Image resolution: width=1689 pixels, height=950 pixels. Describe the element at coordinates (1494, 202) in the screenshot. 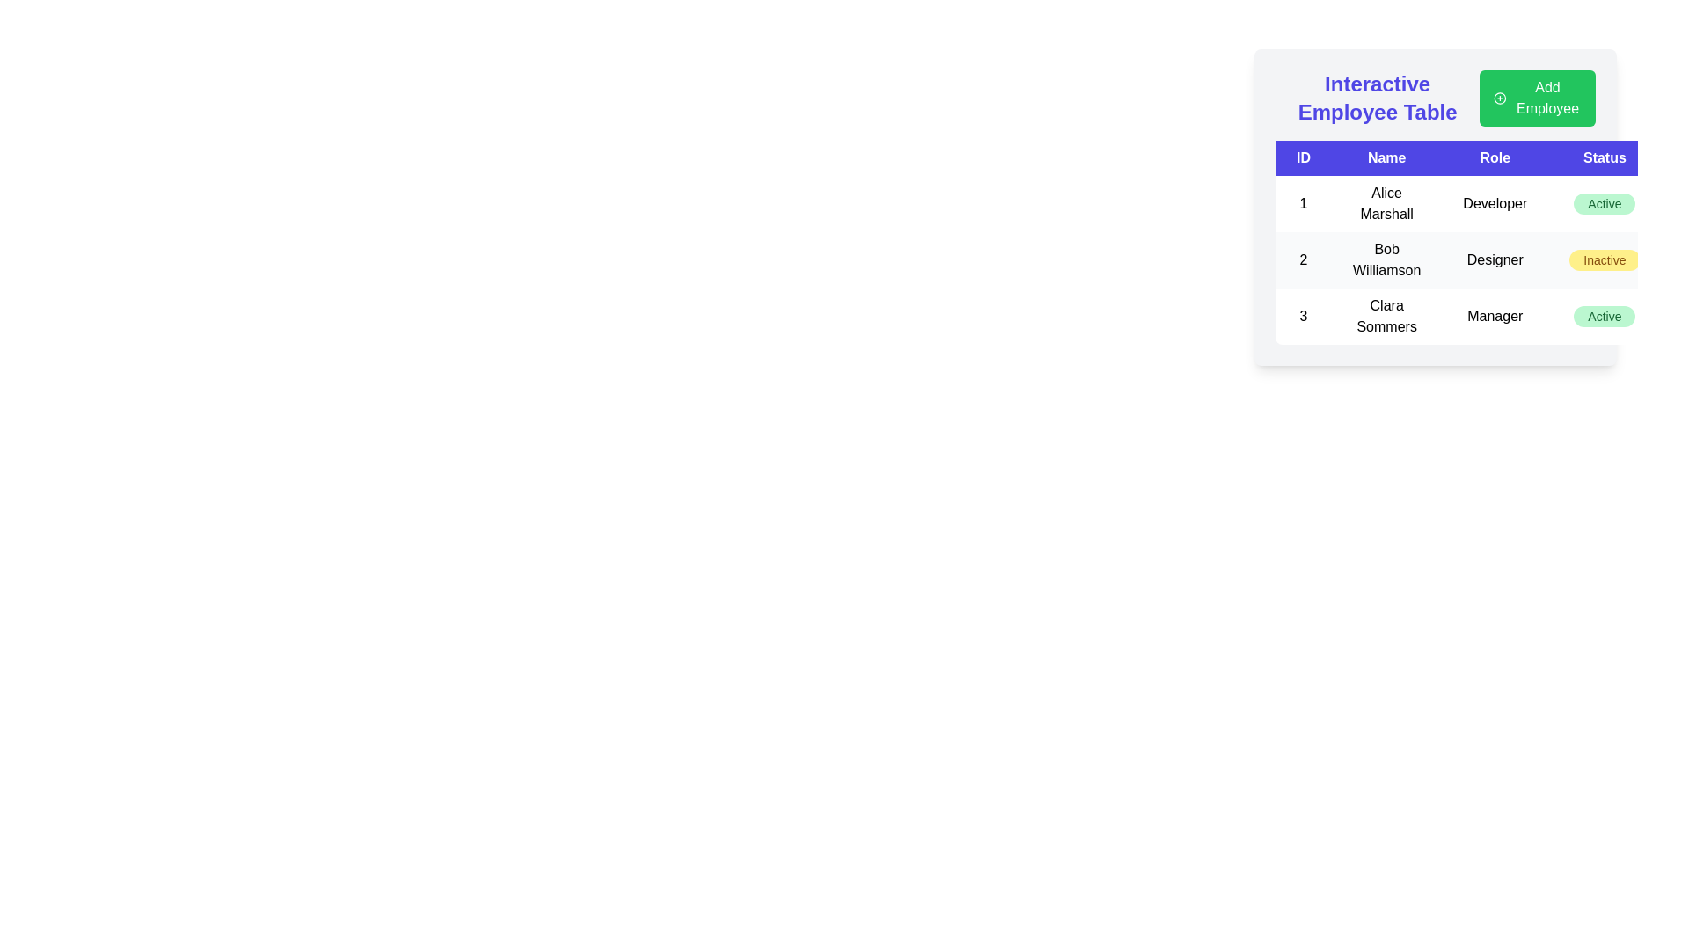

I see `the text label displaying 'Developer' in black font, located in the 'Role' column of the first row of the 'Interactive Employee Table' for the individual 'Alice Marshall'` at that location.